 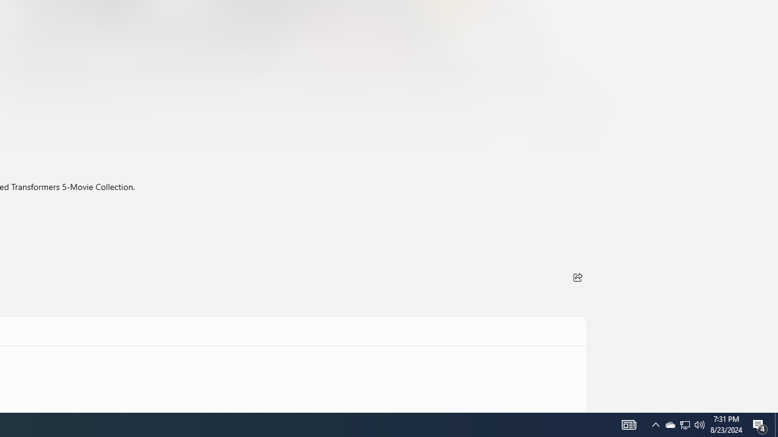 I want to click on 'Share', so click(x=577, y=277).